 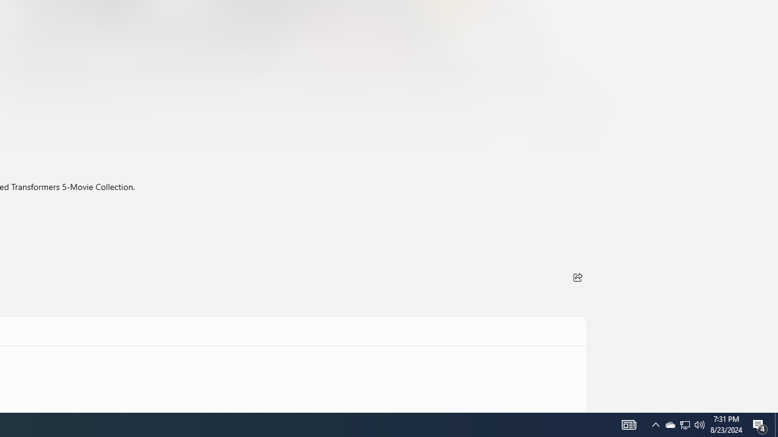 I want to click on 'Share', so click(x=577, y=277).